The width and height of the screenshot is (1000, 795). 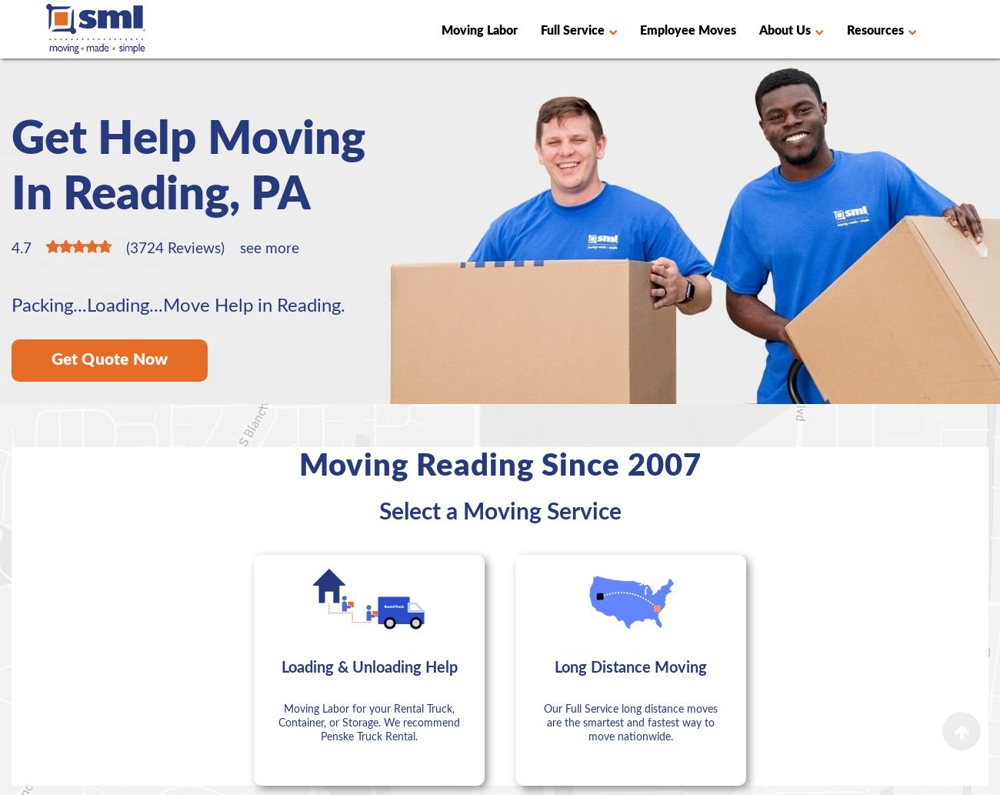 What do you see at coordinates (178, 306) in the screenshot?
I see `'Packing...Loading...Move Help in Reading.'` at bounding box center [178, 306].